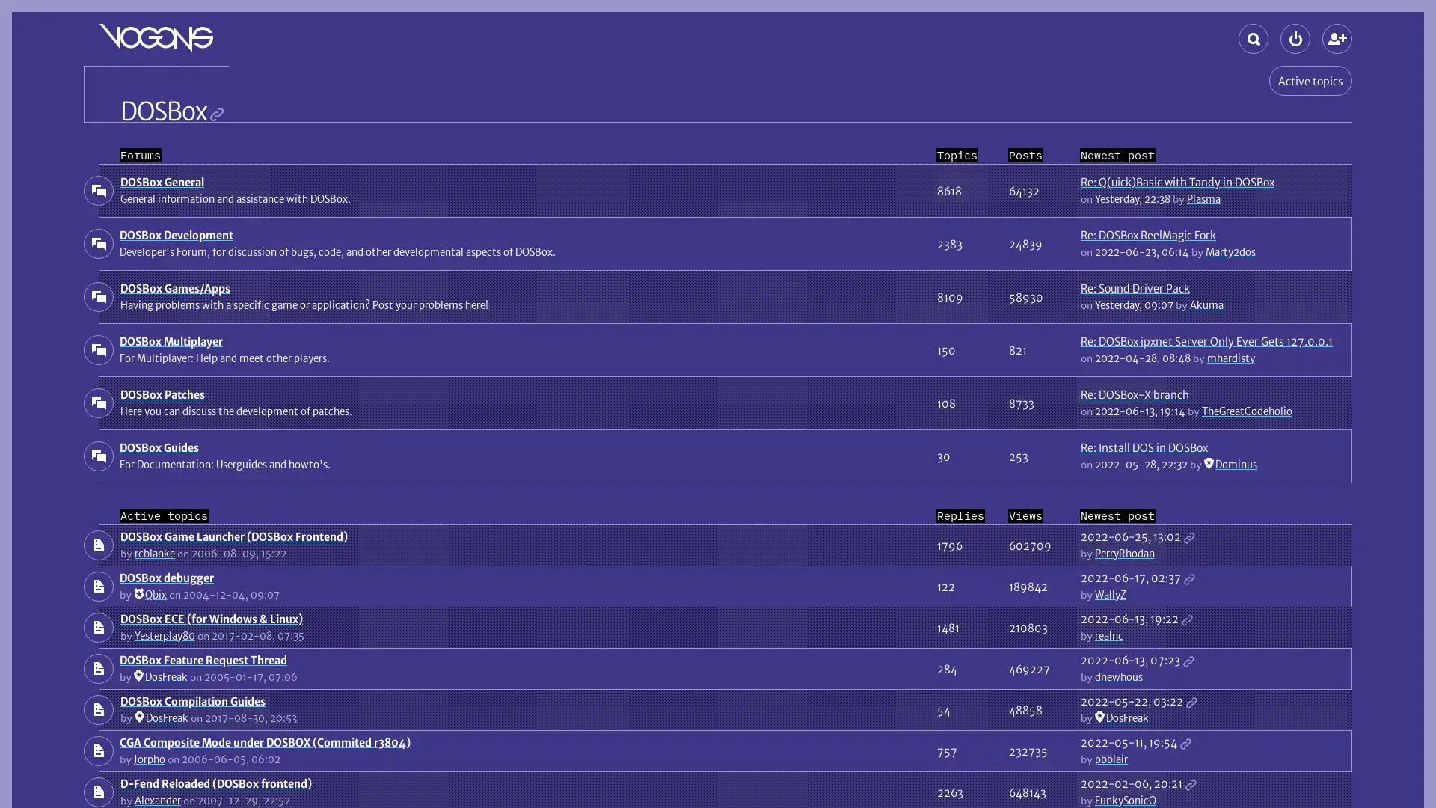 The image size is (1436, 808). I want to click on Search, so click(1253, 37).